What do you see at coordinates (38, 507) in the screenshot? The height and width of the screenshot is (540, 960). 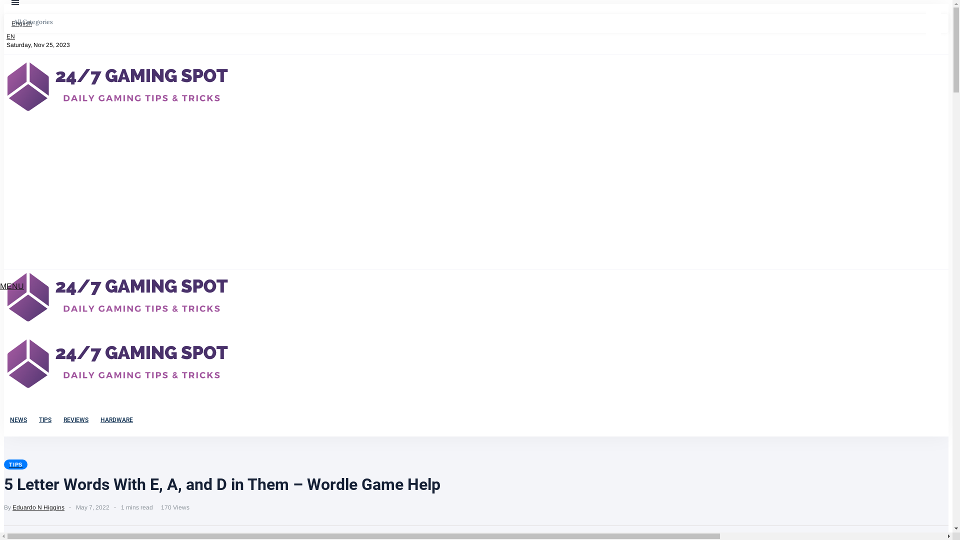 I see `'Eduardo N Higgins'` at bounding box center [38, 507].